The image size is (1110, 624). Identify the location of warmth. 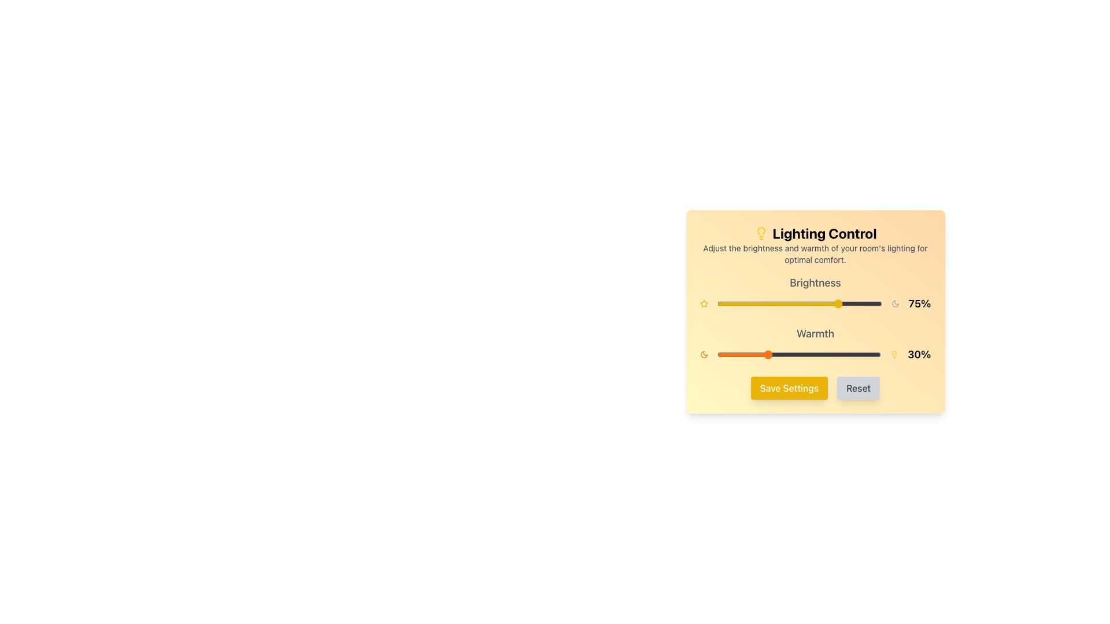
(769, 354).